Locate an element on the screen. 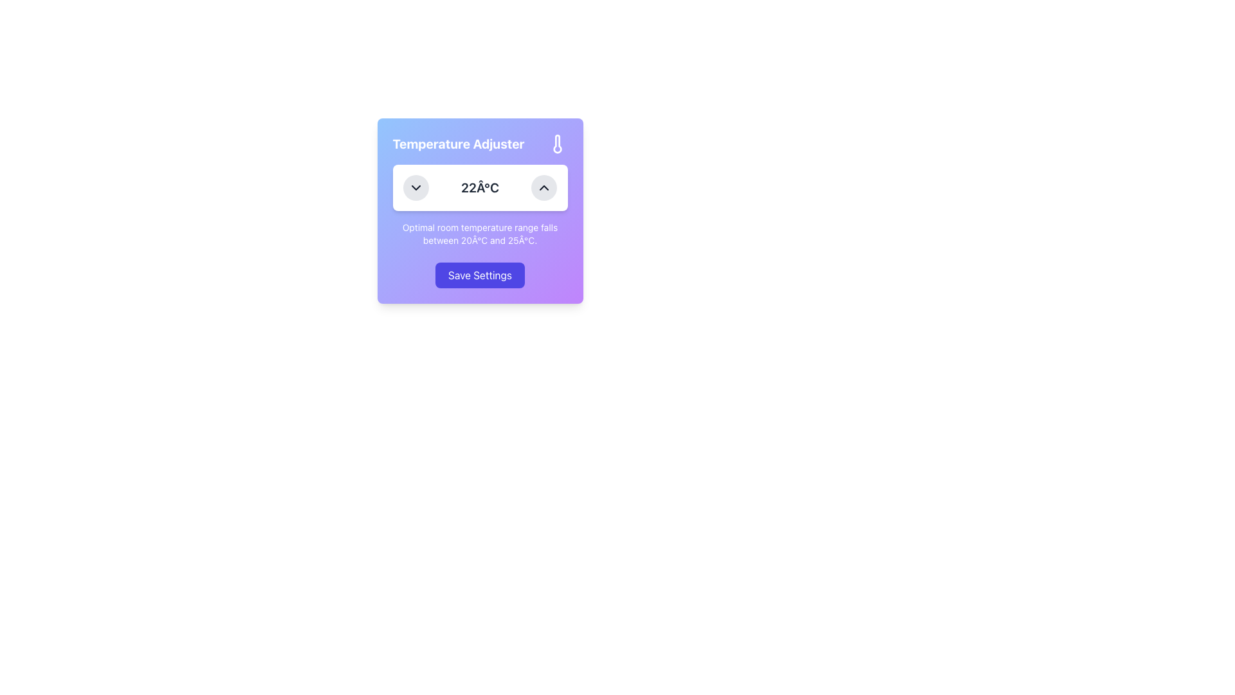 The width and height of the screenshot is (1235, 695). the leftmost decrement button located to the left of the temperature display '22°C' to lower the temperature value is located at coordinates (416, 188).